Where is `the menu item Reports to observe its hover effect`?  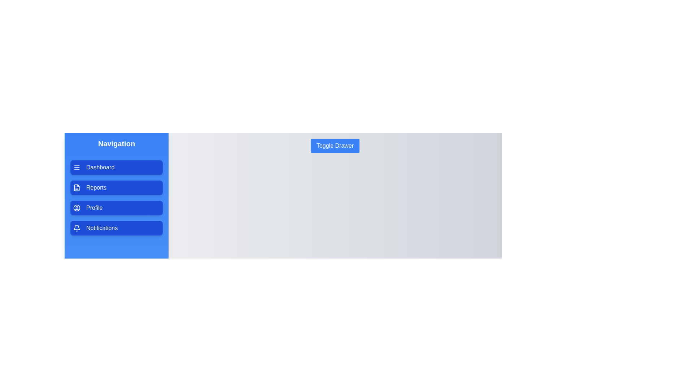
the menu item Reports to observe its hover effect is located at coordinates (116, 187).